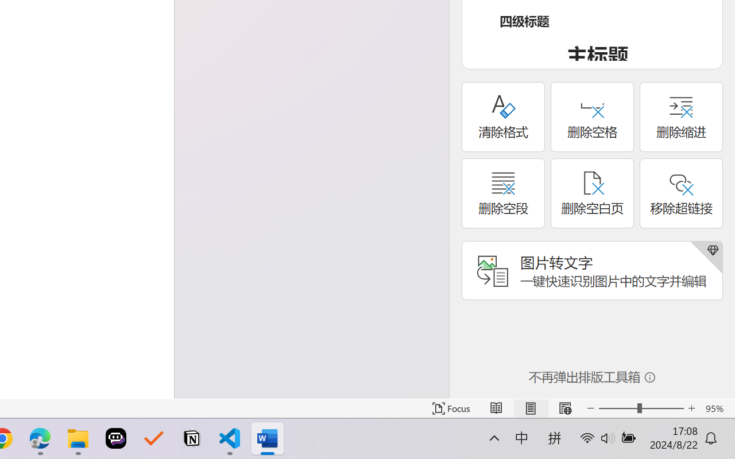  Describe the element at coordinates (717, 408) in the screenshot. I see `'Zoom 95%'` at that location.